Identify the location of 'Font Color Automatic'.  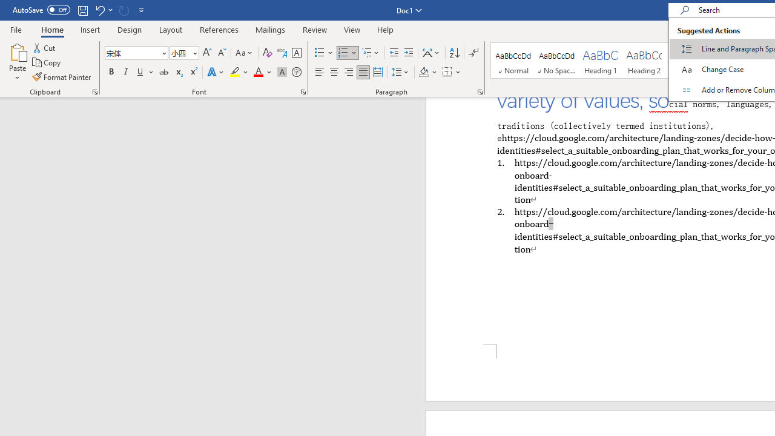
(257, 72).